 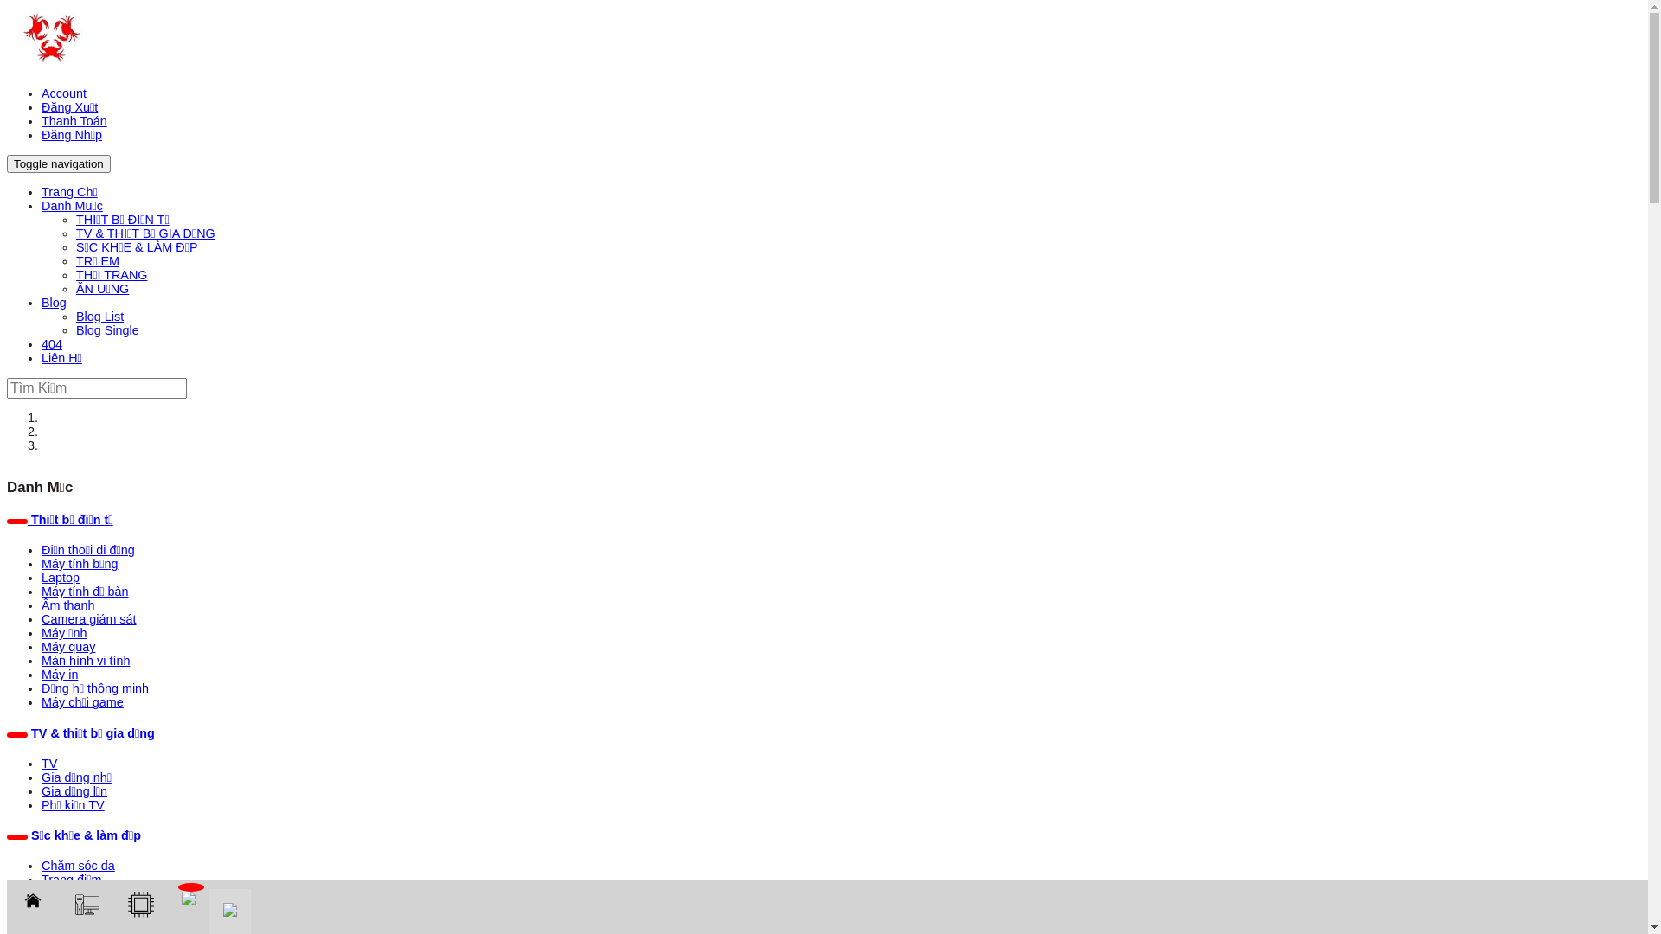 I want to click on 'Blog List', so click(x=99, y=317).